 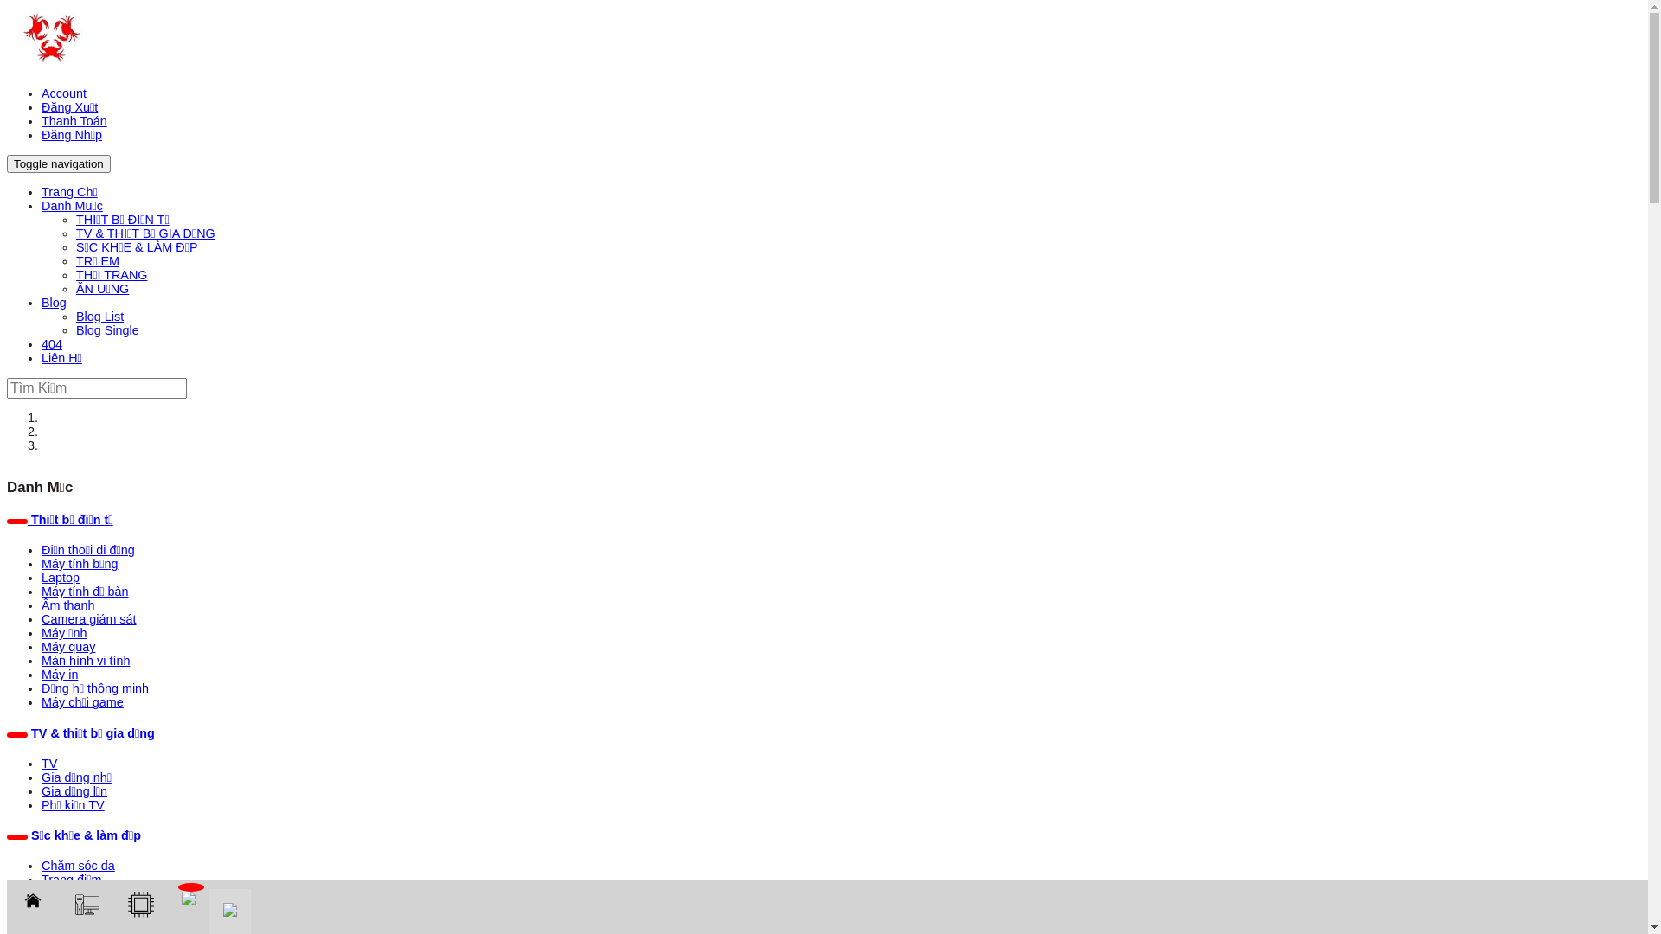 I want to click on 'Blog List', so click(x=99, y=317).